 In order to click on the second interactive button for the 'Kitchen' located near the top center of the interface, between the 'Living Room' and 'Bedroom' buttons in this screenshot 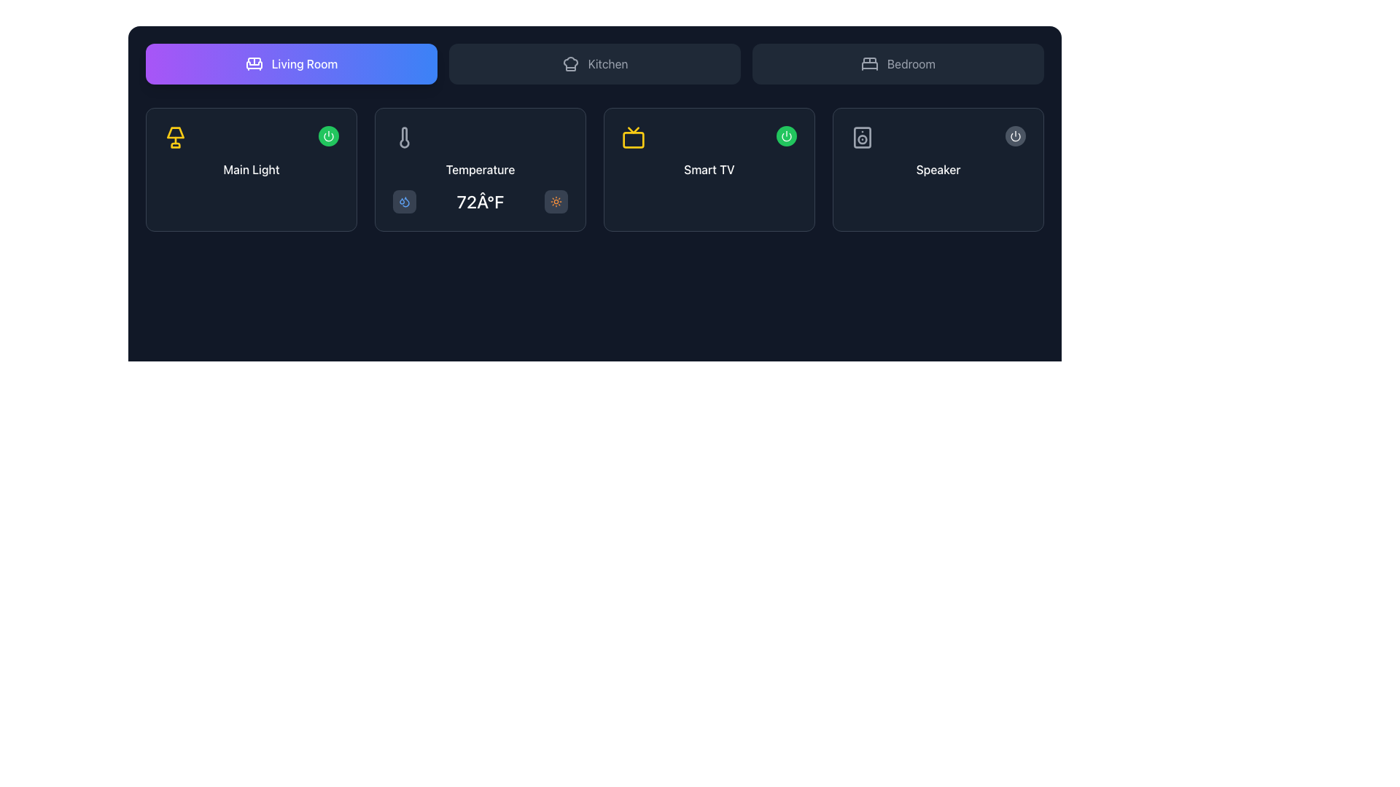, I will do `click(595, 63)`.